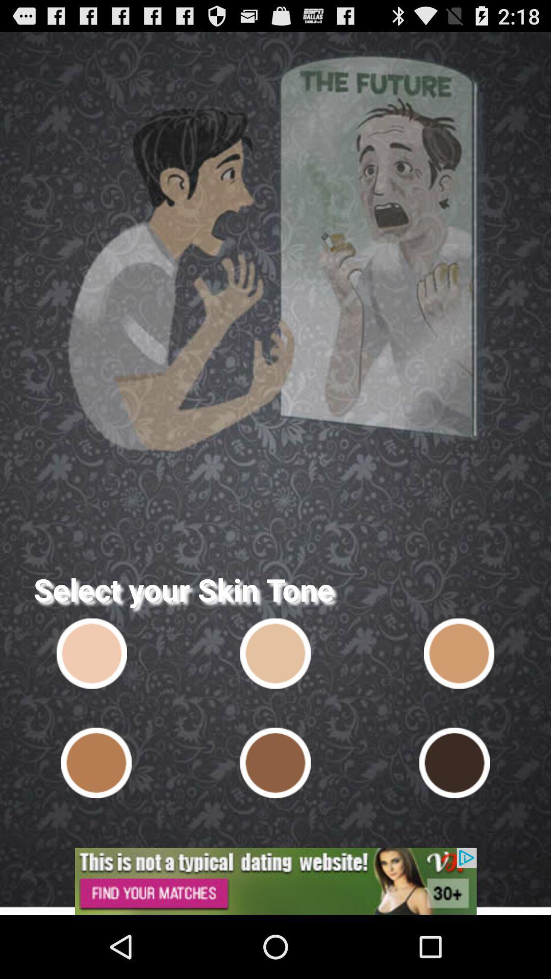 The height and width of the screenshot is (979, 551). I want to click on skin tone, so click(275, 763).